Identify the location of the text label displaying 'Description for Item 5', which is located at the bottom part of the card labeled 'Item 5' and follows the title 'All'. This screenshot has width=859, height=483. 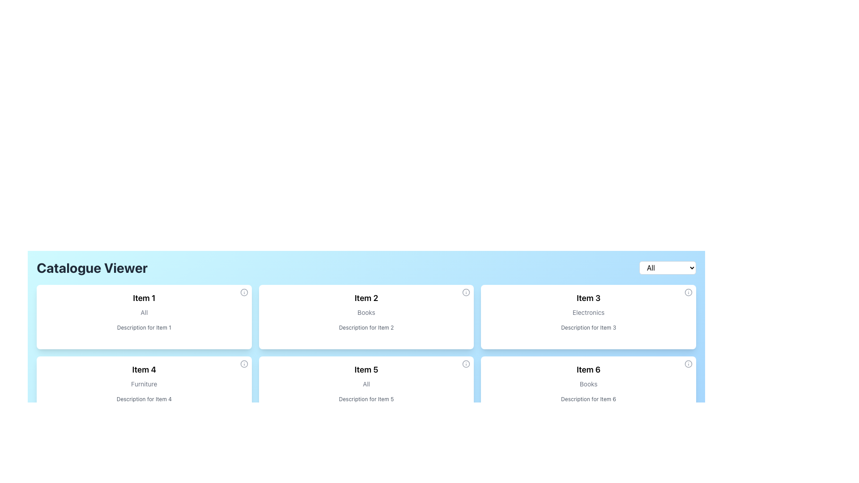
(366, 399).